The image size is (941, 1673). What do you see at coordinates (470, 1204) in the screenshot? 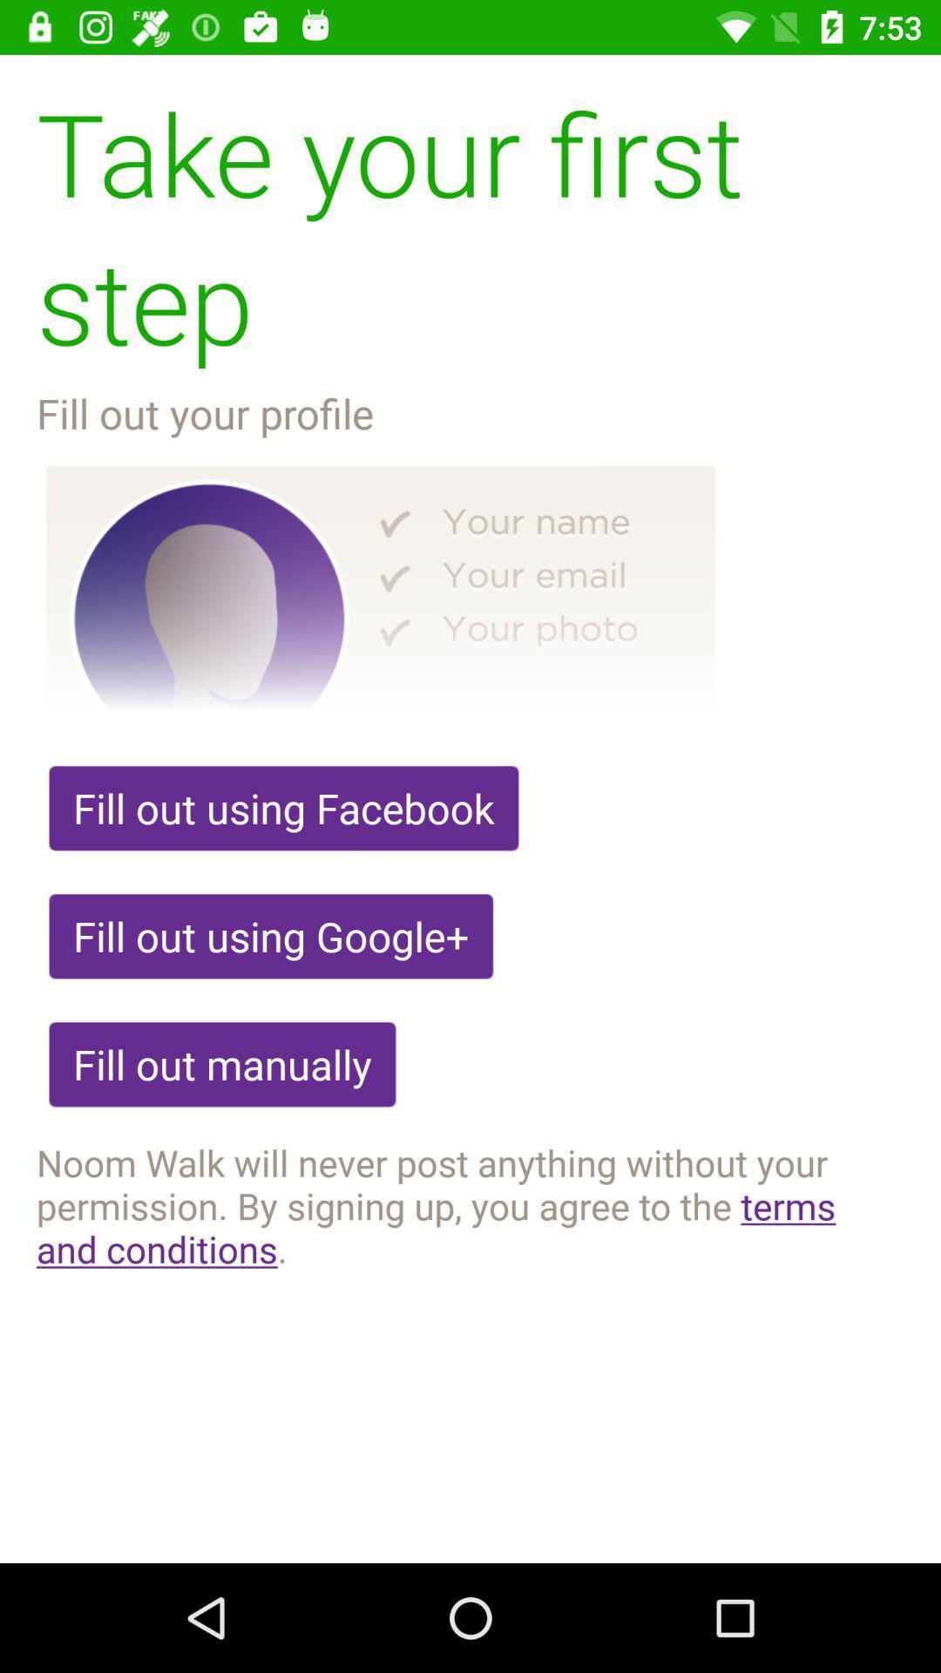
I see `the noom walk will` at bounding box center [470, 1204].